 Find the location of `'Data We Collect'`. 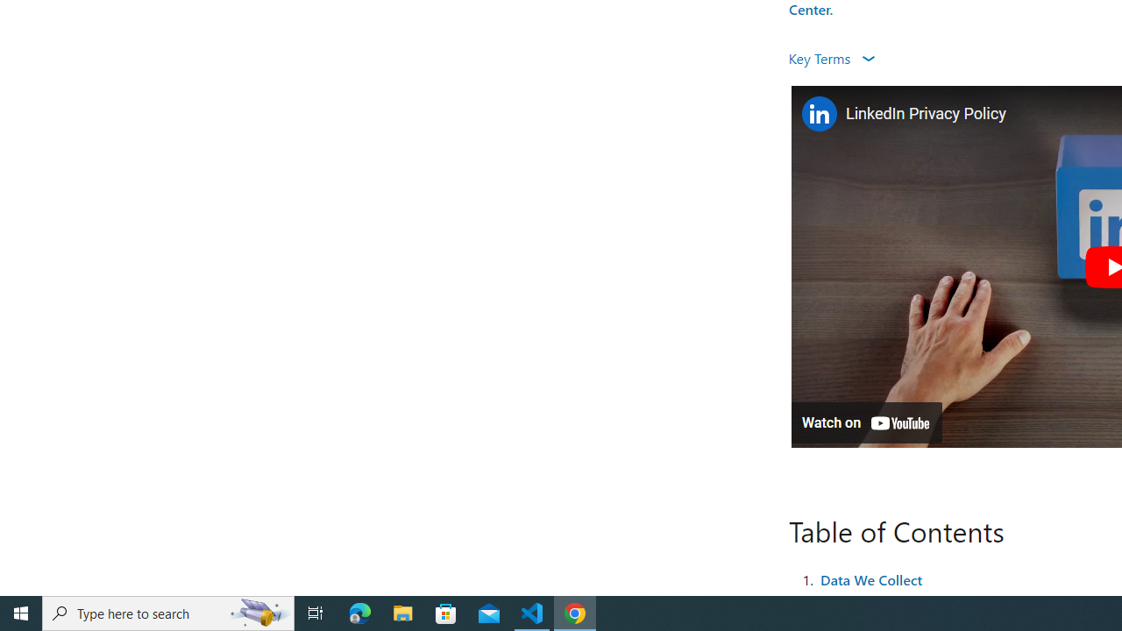

'Data We Collect' is located at coordinates (870, 578).